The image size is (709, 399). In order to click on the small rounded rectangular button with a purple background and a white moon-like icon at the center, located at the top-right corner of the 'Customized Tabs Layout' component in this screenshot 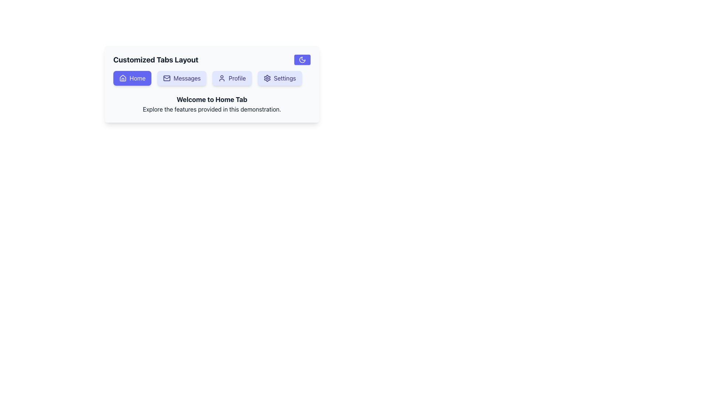, I will do `click(302, 59)`.